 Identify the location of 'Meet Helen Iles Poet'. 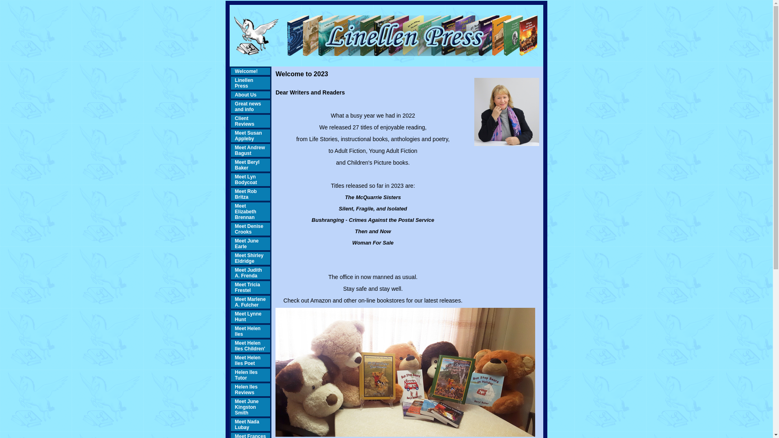
(235, 360).